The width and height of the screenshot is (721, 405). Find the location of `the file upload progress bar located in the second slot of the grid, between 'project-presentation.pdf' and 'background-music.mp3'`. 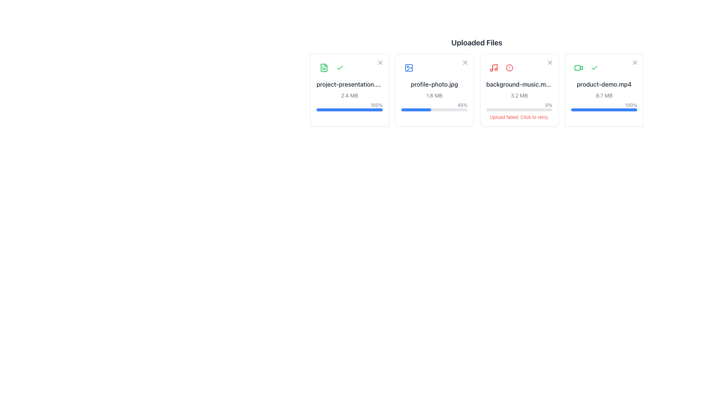

the file upload progress bar located in the second slot of the grid, between 'project-presentation.pdf' and 'background-music.mp3' is located at coordinates (434, 95).